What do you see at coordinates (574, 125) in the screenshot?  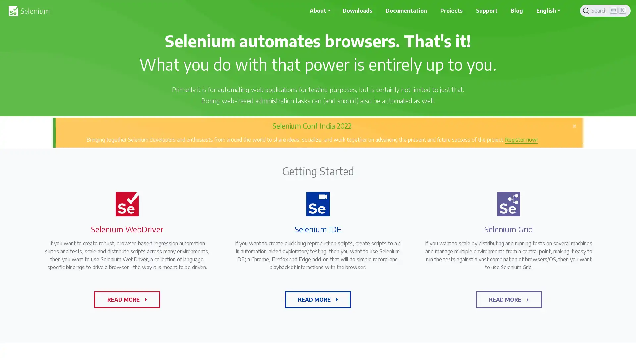 I see `Close` at bounding box center [574, 125].